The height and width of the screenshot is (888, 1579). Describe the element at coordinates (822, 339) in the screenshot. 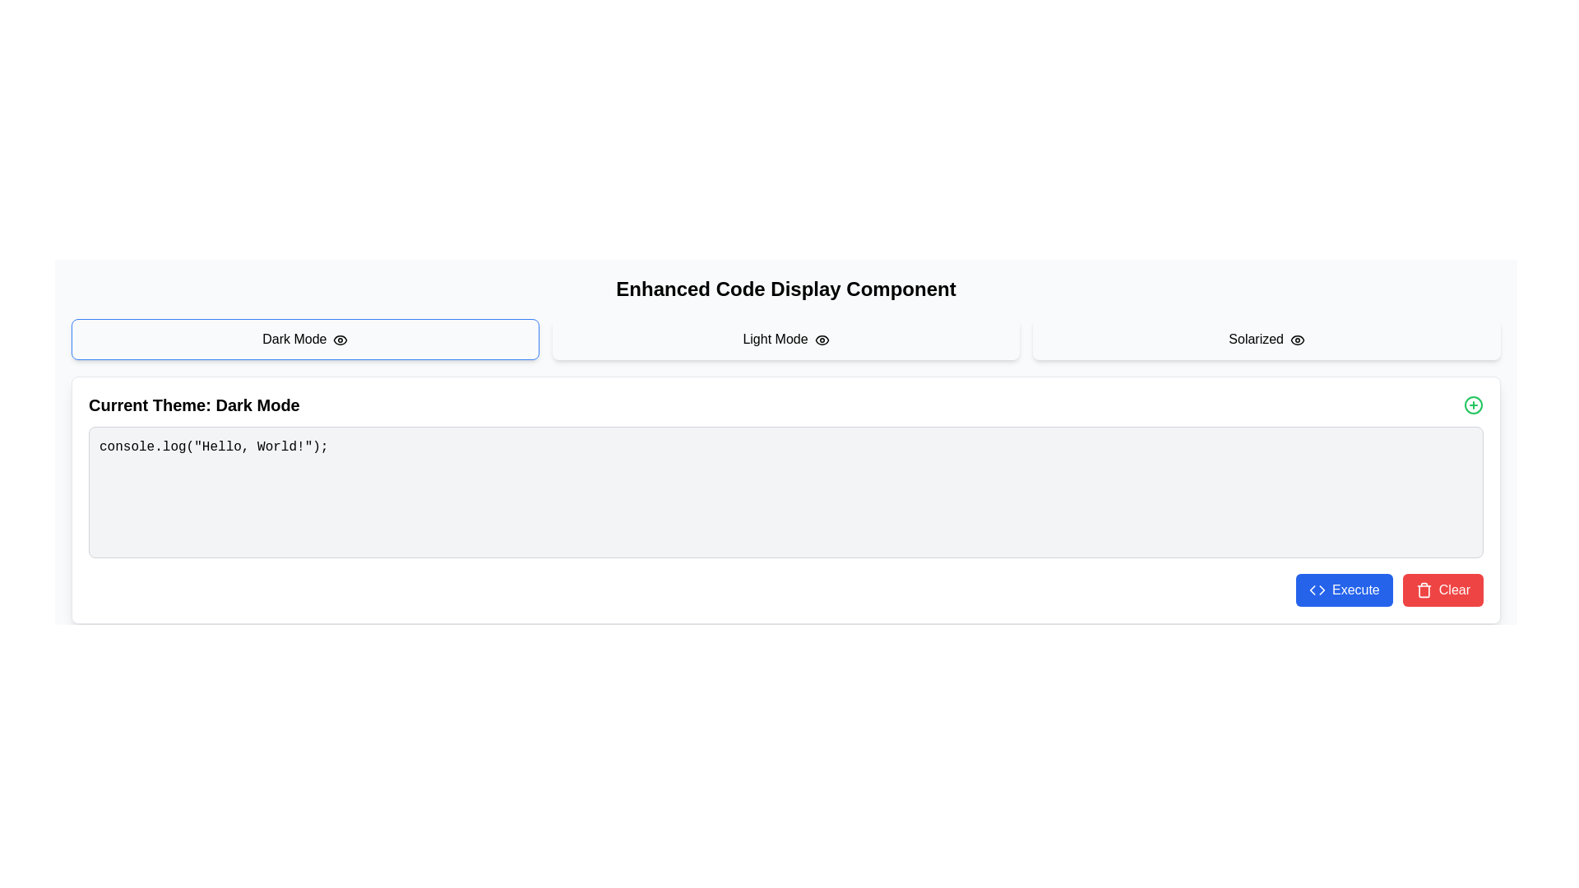

I see `the eye-shaped icon located inline beside the 'Light Mode' text, which is styled in a minimalist design and has a monochromatic color scheme` at that location.